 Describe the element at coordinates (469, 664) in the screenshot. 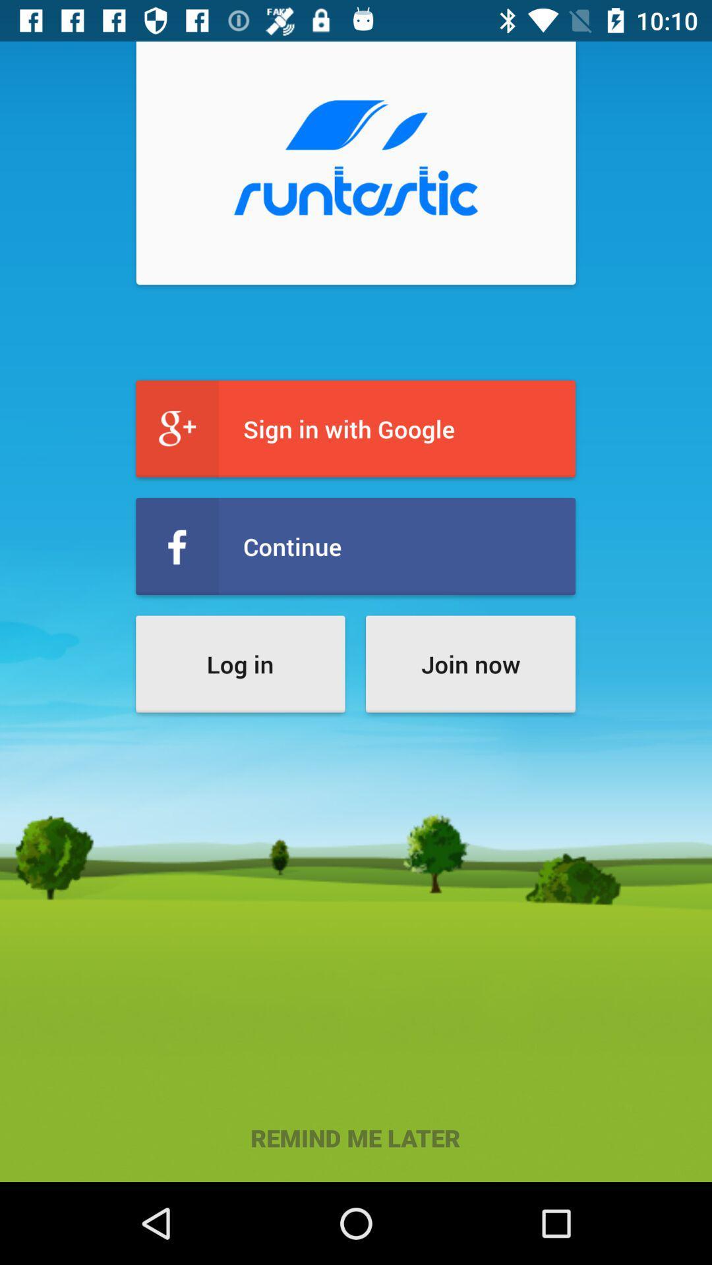

I see `the item next to log in item` at that location.